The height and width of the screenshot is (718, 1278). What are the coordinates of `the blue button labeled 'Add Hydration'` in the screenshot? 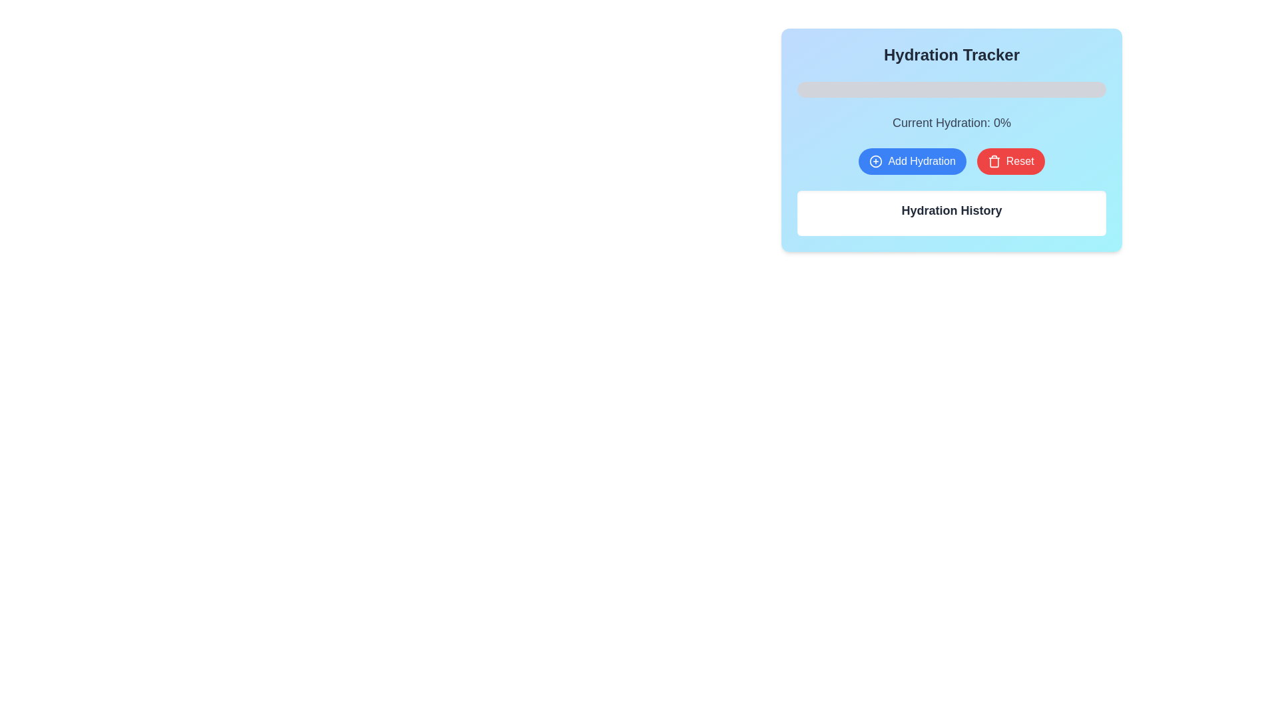 It's located at (951, 161).